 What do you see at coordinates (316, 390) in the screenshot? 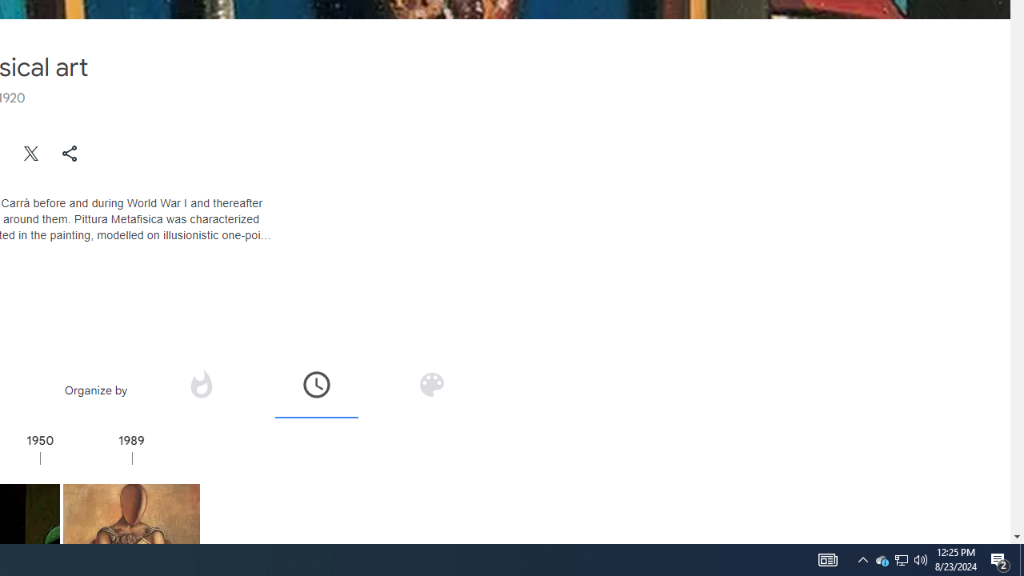
I see `'Organize by time'` at bounding box center [316, 390].